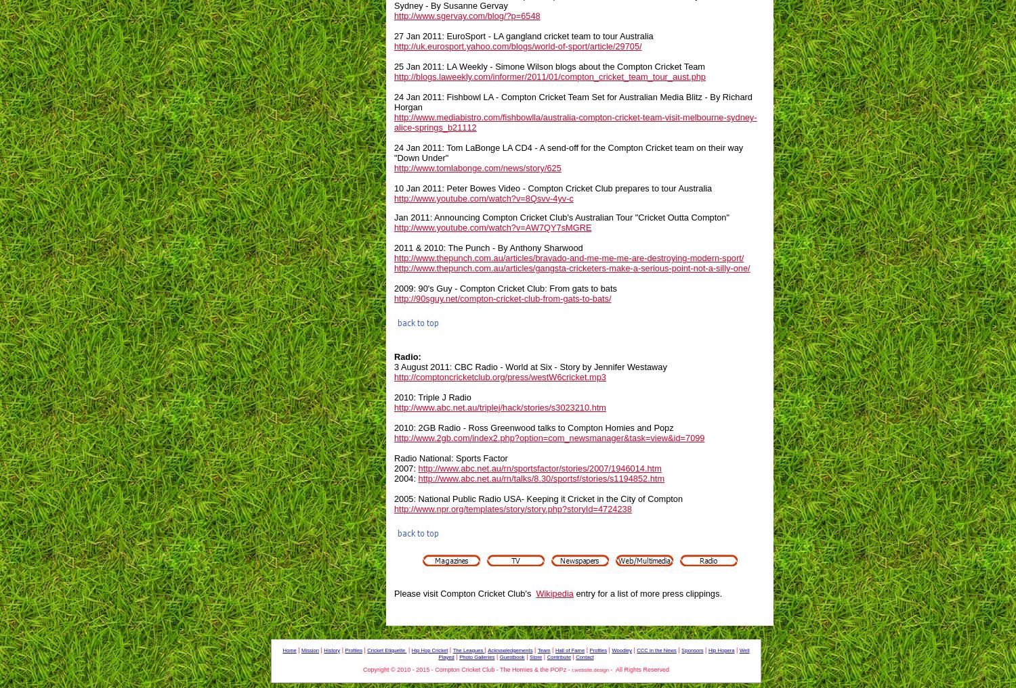  I want to click on '3 August 2011: CBC Radio - World at Six - Story by 
				Jennifer Westaway', so click(530, 366).